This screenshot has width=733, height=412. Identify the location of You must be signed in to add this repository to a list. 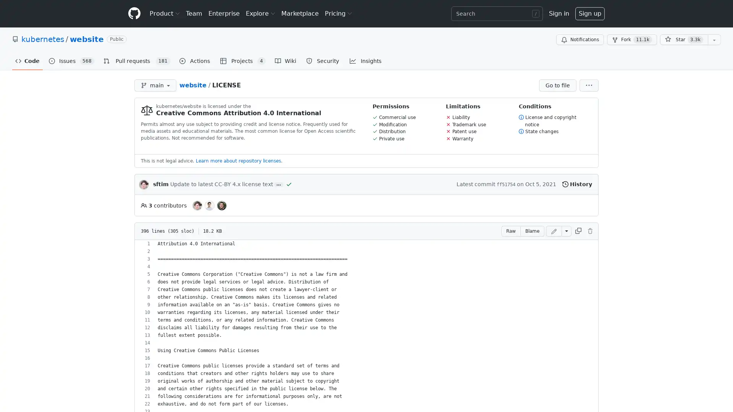
(714, 40).